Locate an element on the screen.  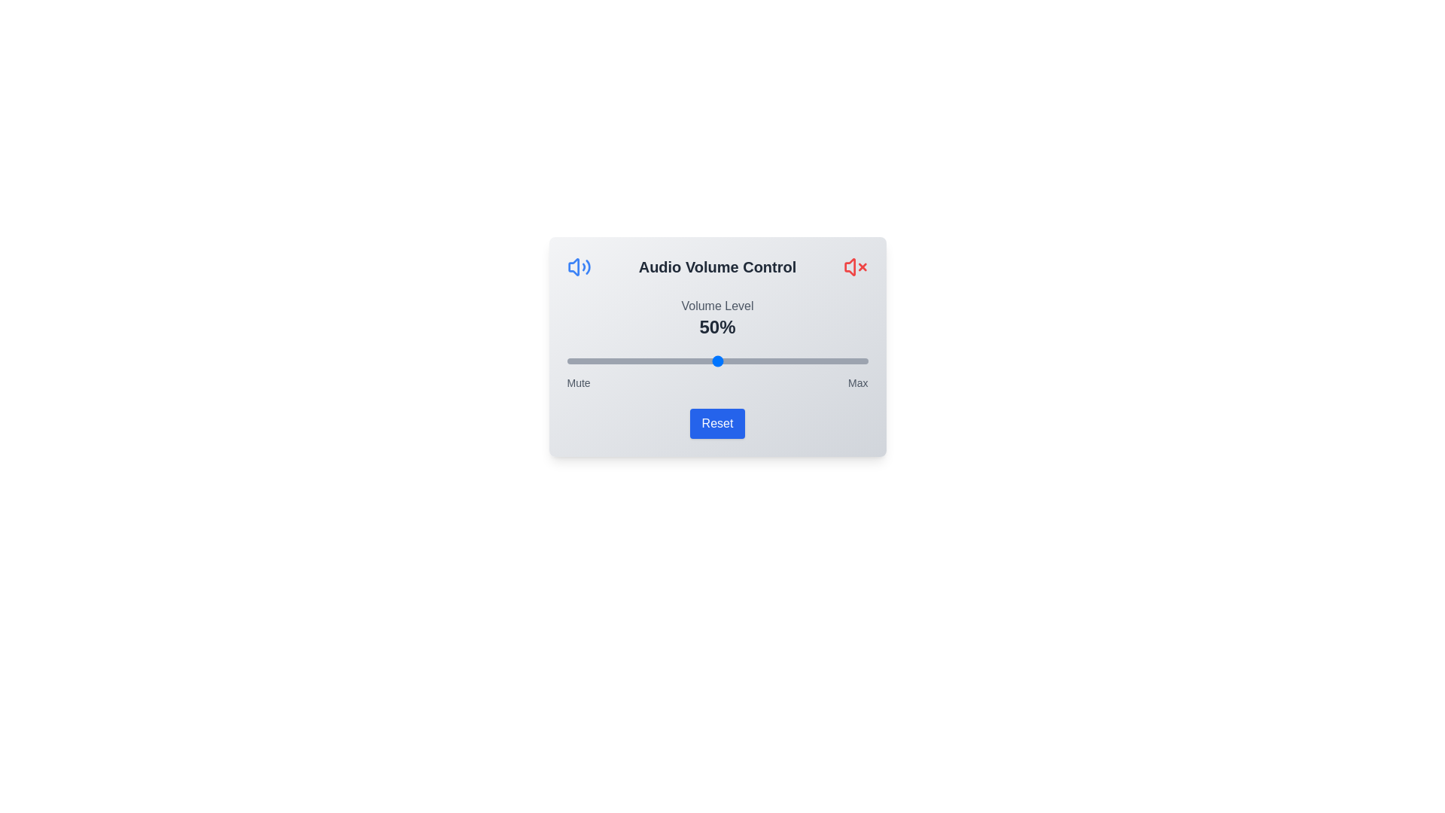
the volume slider to 80% is located at coordinates (807, 361).